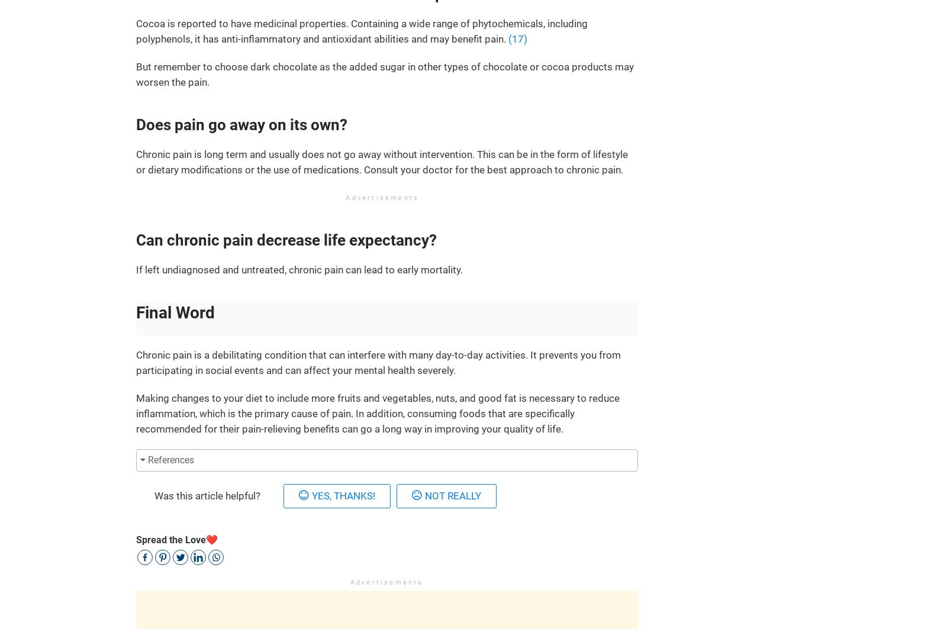 This screenshot has width=947, height=629. Describe the element at coordinates (299, 270) in the screenshot. I see `'If left undiagnosed and untreated, chronic pain can lead to early mortality.'` at that location.